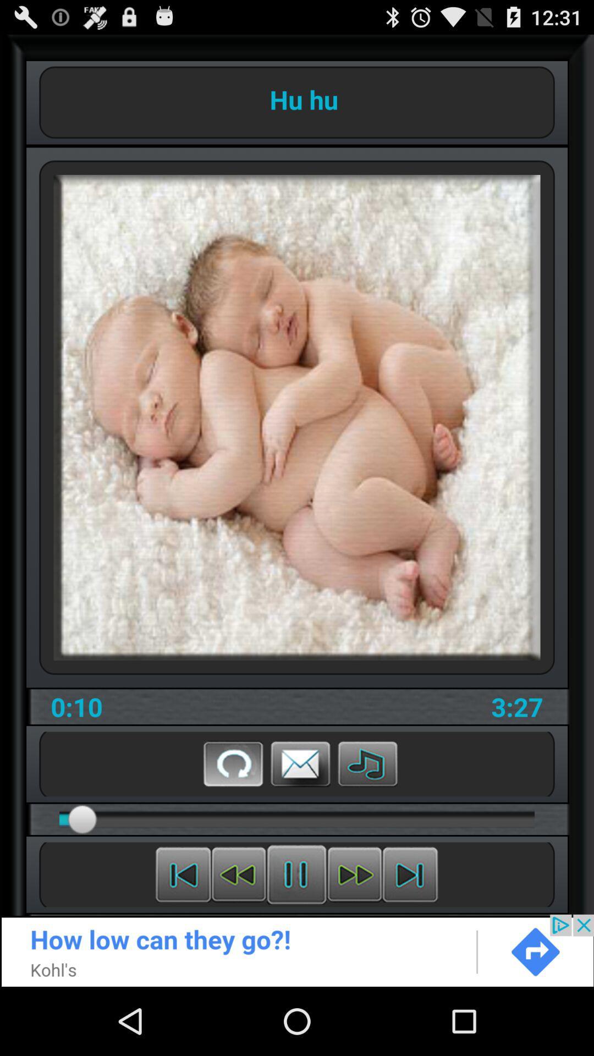  Describe the element at coordinates (354, 936) in the screenshot. I see `the av_forward icon` at that location.